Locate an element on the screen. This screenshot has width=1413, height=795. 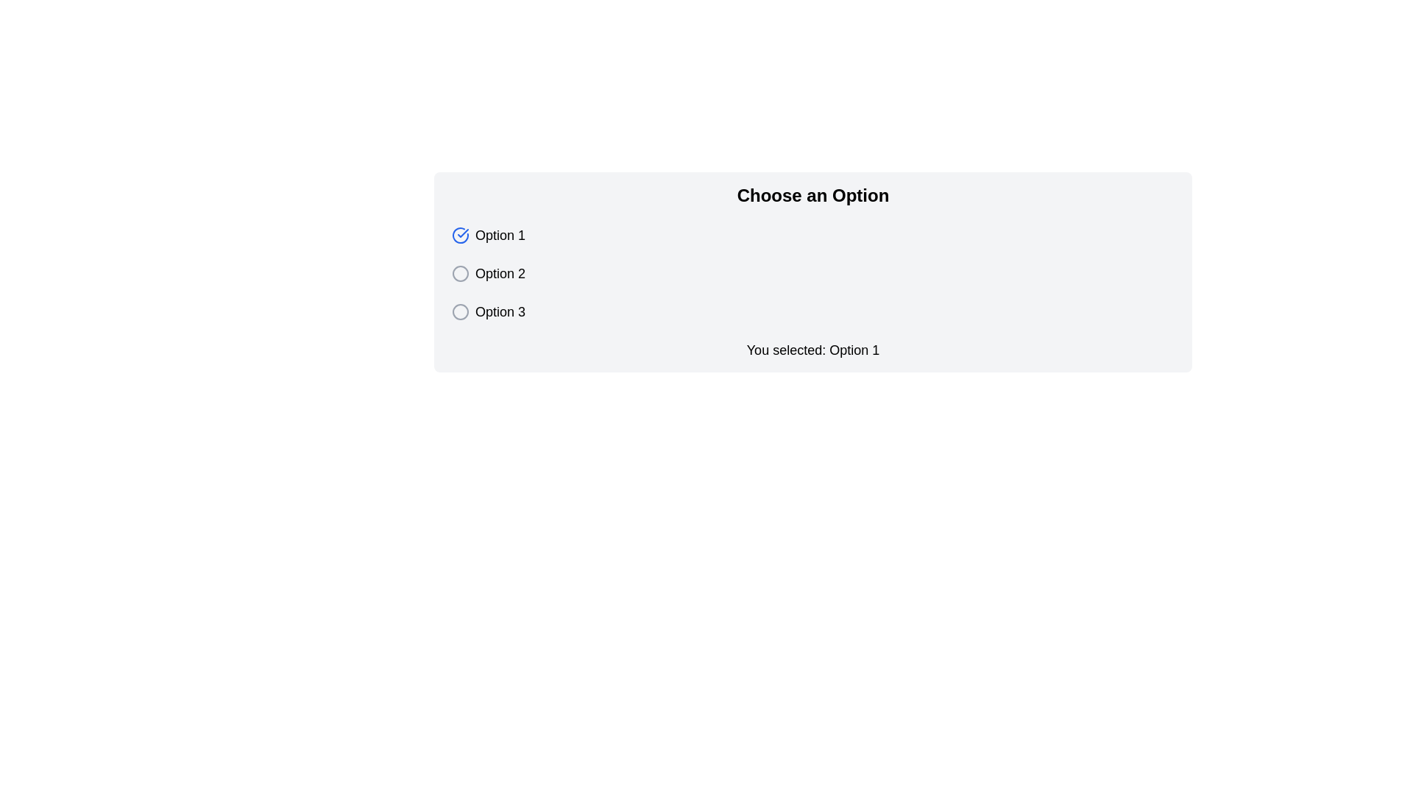
the circular radio button indicator icon which is styled as an outlined gray circle positioned to the left of the text 'Option 2' is located at coordinates (459, 273).